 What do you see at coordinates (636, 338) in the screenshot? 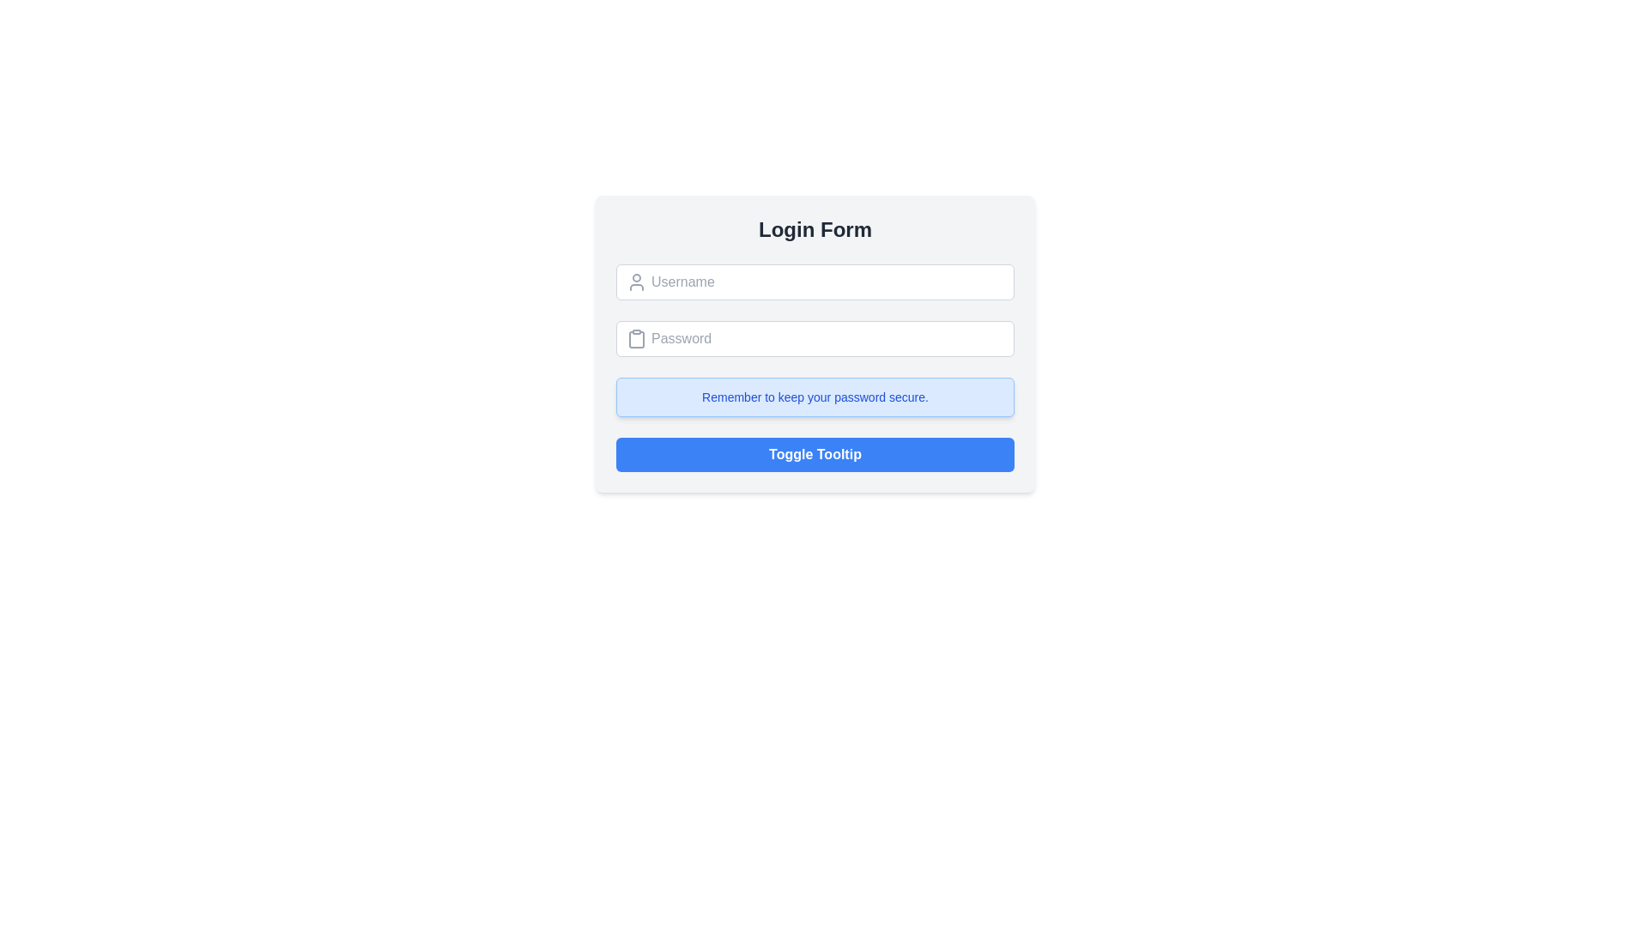
I see `the clipboard-style icon graphic, which is gray in color and located to the left of the password input field, slightly above the center of the bounding box` at bounding box center [636, 338].